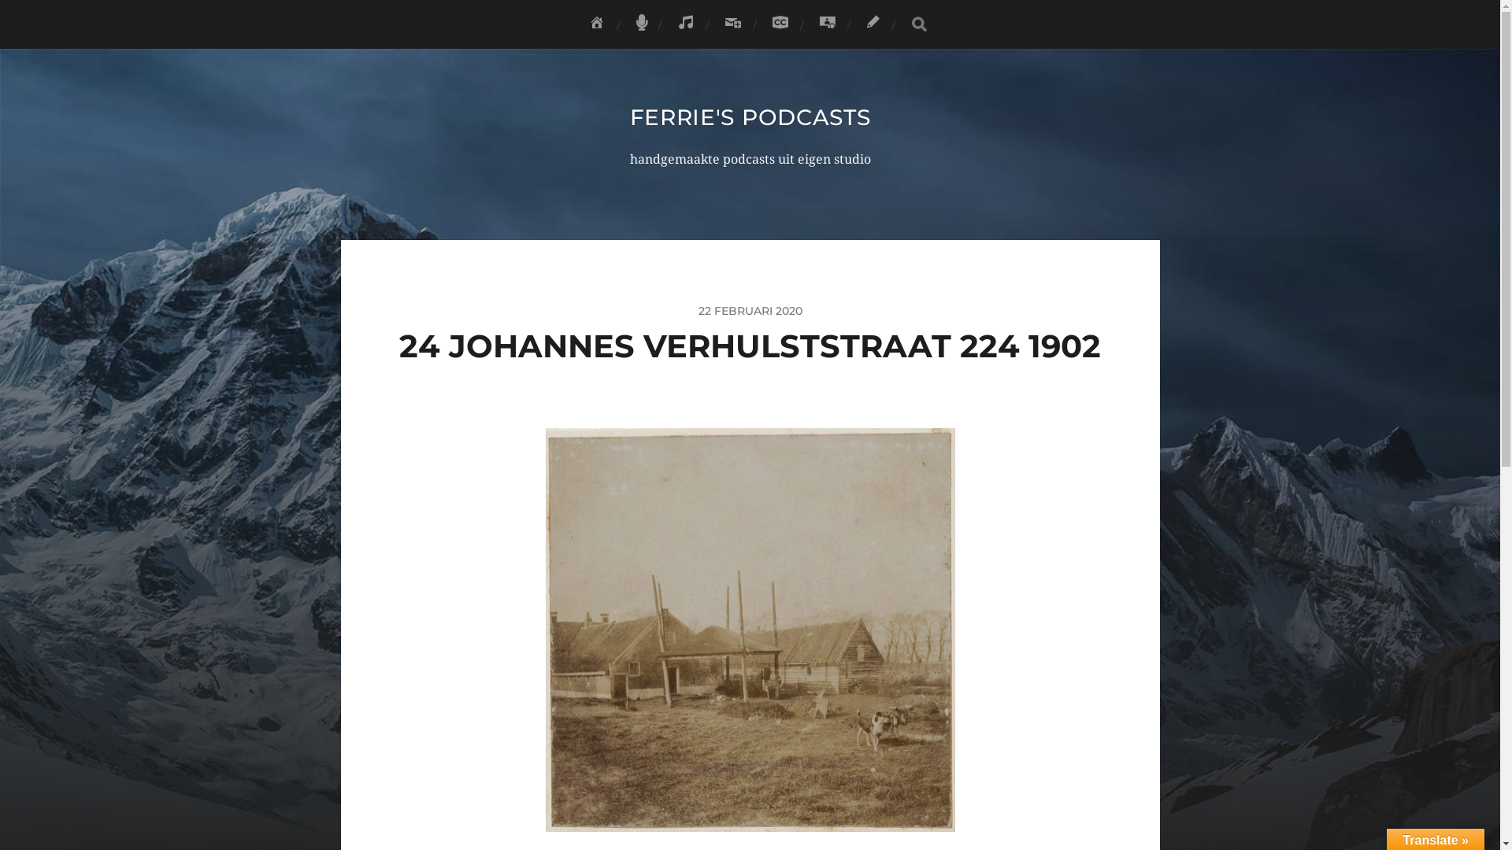  What do you see at coordinates (732, 24) in the screenshot?
I see `'ABONNEREN'` at bounding box center [732, 24].